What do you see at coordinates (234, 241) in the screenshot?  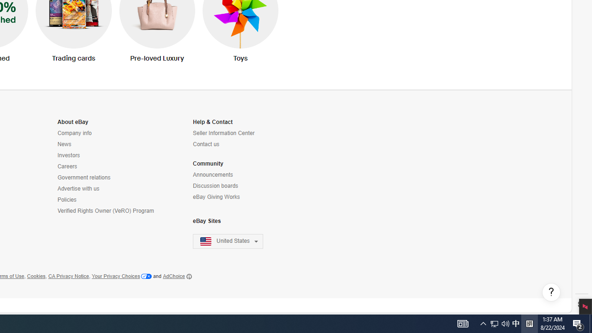 I see `'United States'` at bounding box center [234, 241].